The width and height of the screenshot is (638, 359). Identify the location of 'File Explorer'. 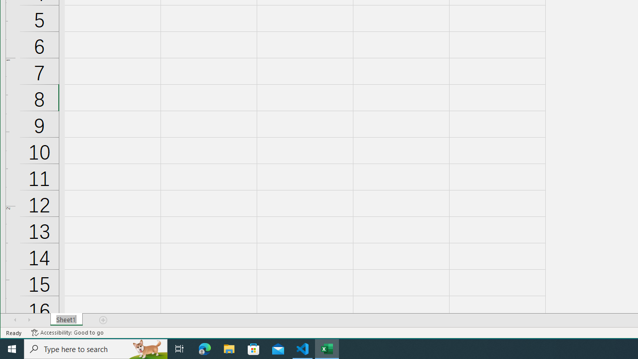
(229, 348).